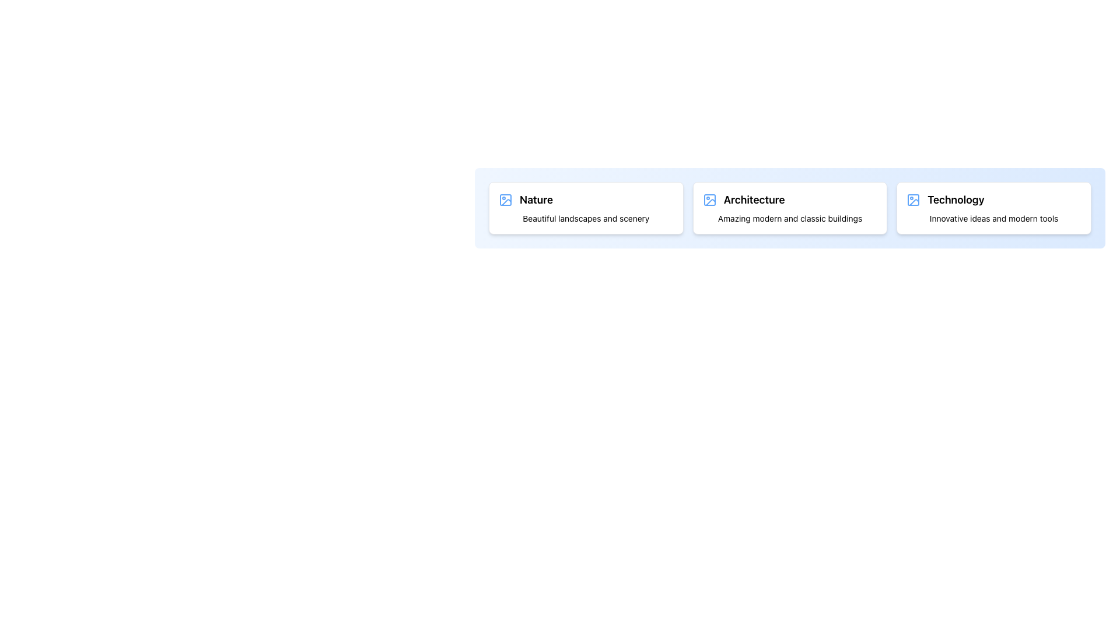 The image size is (1120, 630). What do you see at coordinates (993, 218) in the screenshot?
I see `the text element displaying 'Innovative ideas and modern tools' located below the 'Technology' header within its card` at bounding box center [993, 218].